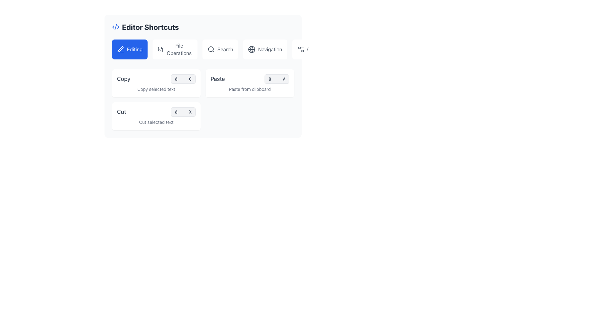 The image size is (599, 336). What do you see at coordinates (156, 79) in the screenshot?
I see `the List item displaying 'Copy' and the shortcut '⌘ C'` at bounding box center [156, 79].